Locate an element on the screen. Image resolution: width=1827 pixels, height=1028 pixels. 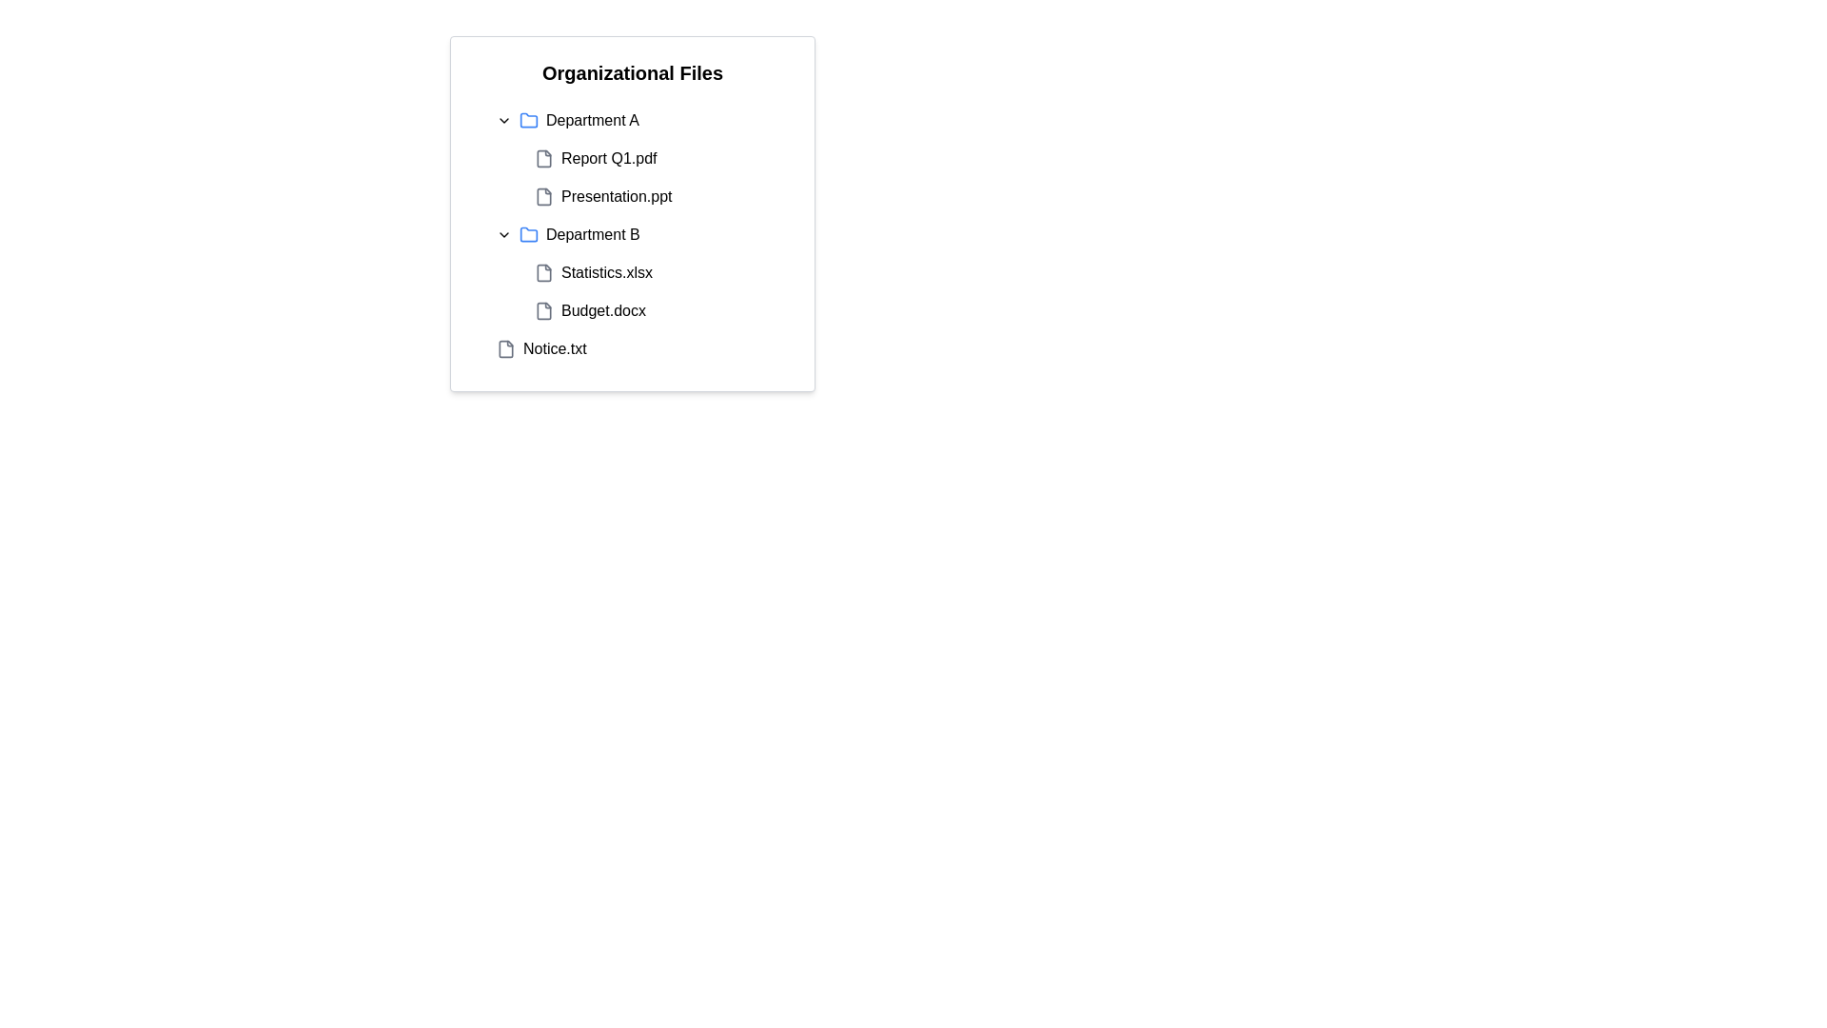
the folder in the list of items under the title 'Organizational Files' is located at coordinates (633, 233).